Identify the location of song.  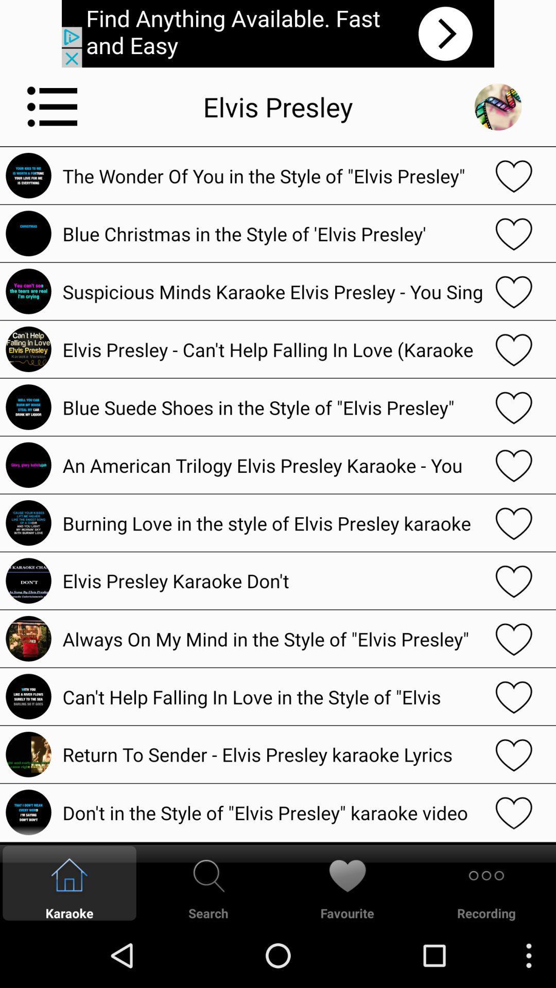
(514, 233).